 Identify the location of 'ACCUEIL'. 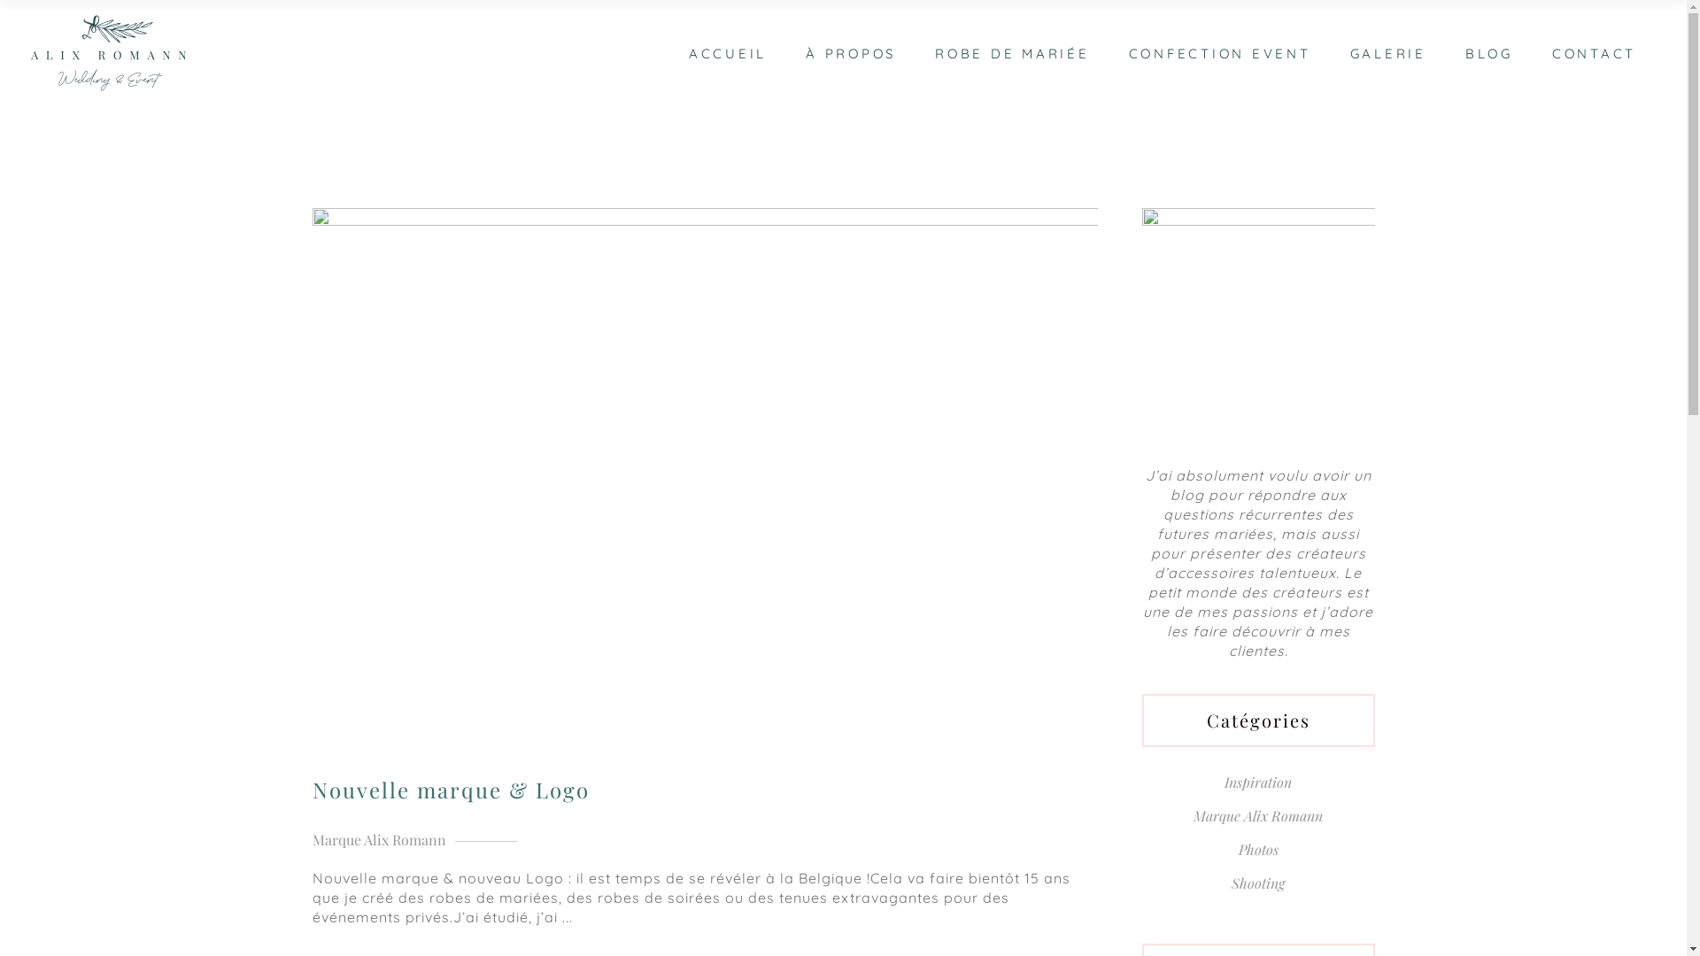
(668, 52).